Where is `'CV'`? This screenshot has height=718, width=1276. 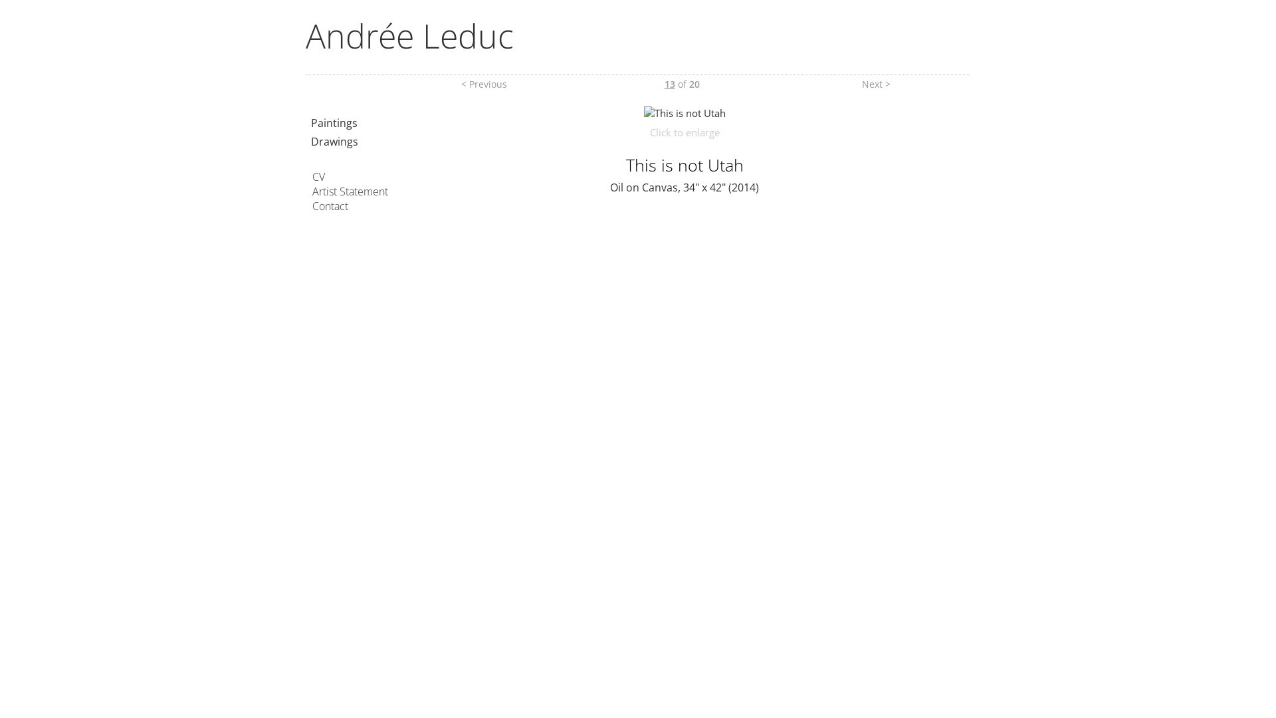 'CV' is located at coordinates (312, 176).